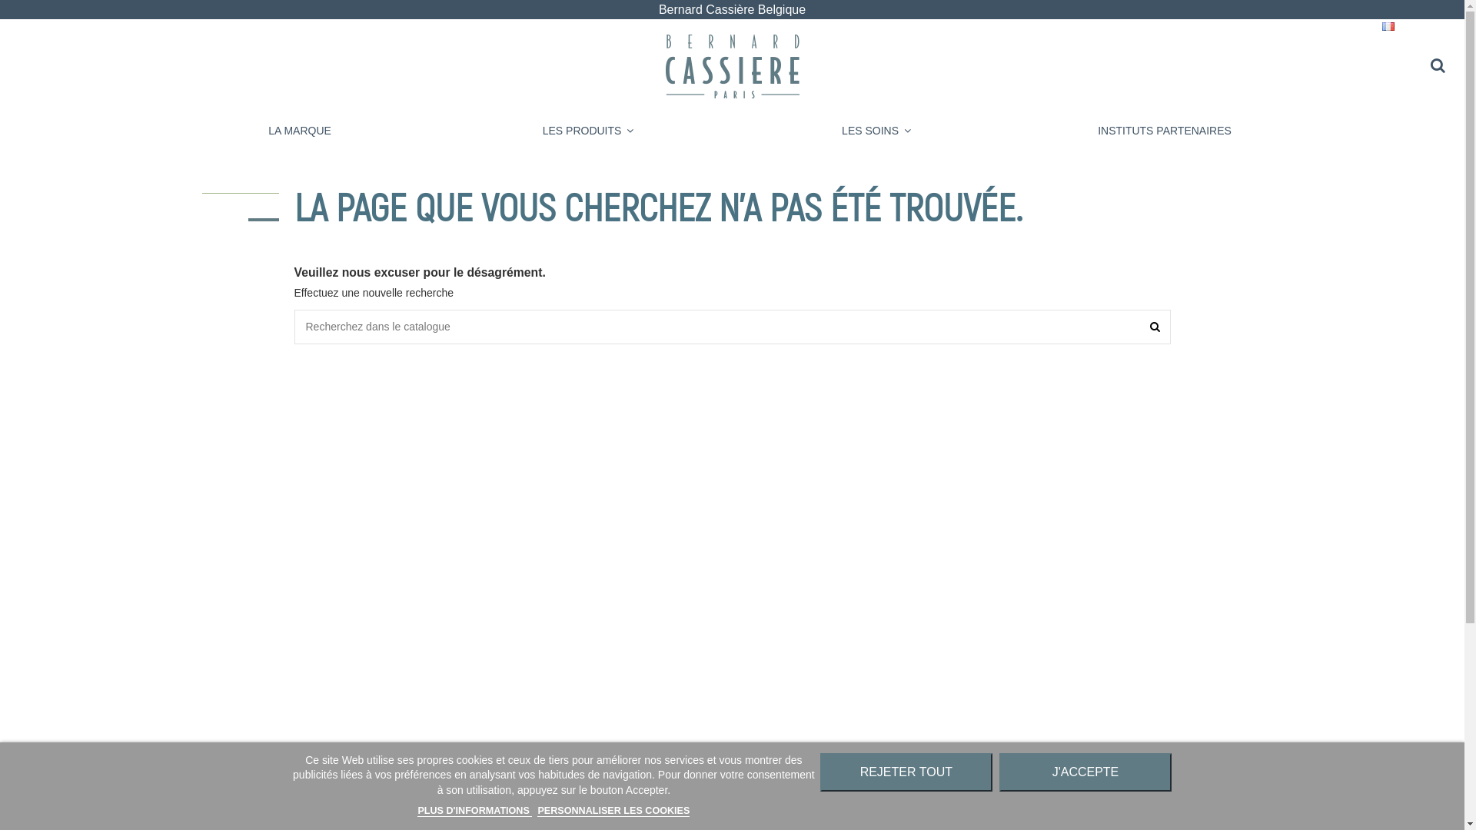 The image size is (1476, 830). I want to click on 'LA MARQUE', so click(299, 130).